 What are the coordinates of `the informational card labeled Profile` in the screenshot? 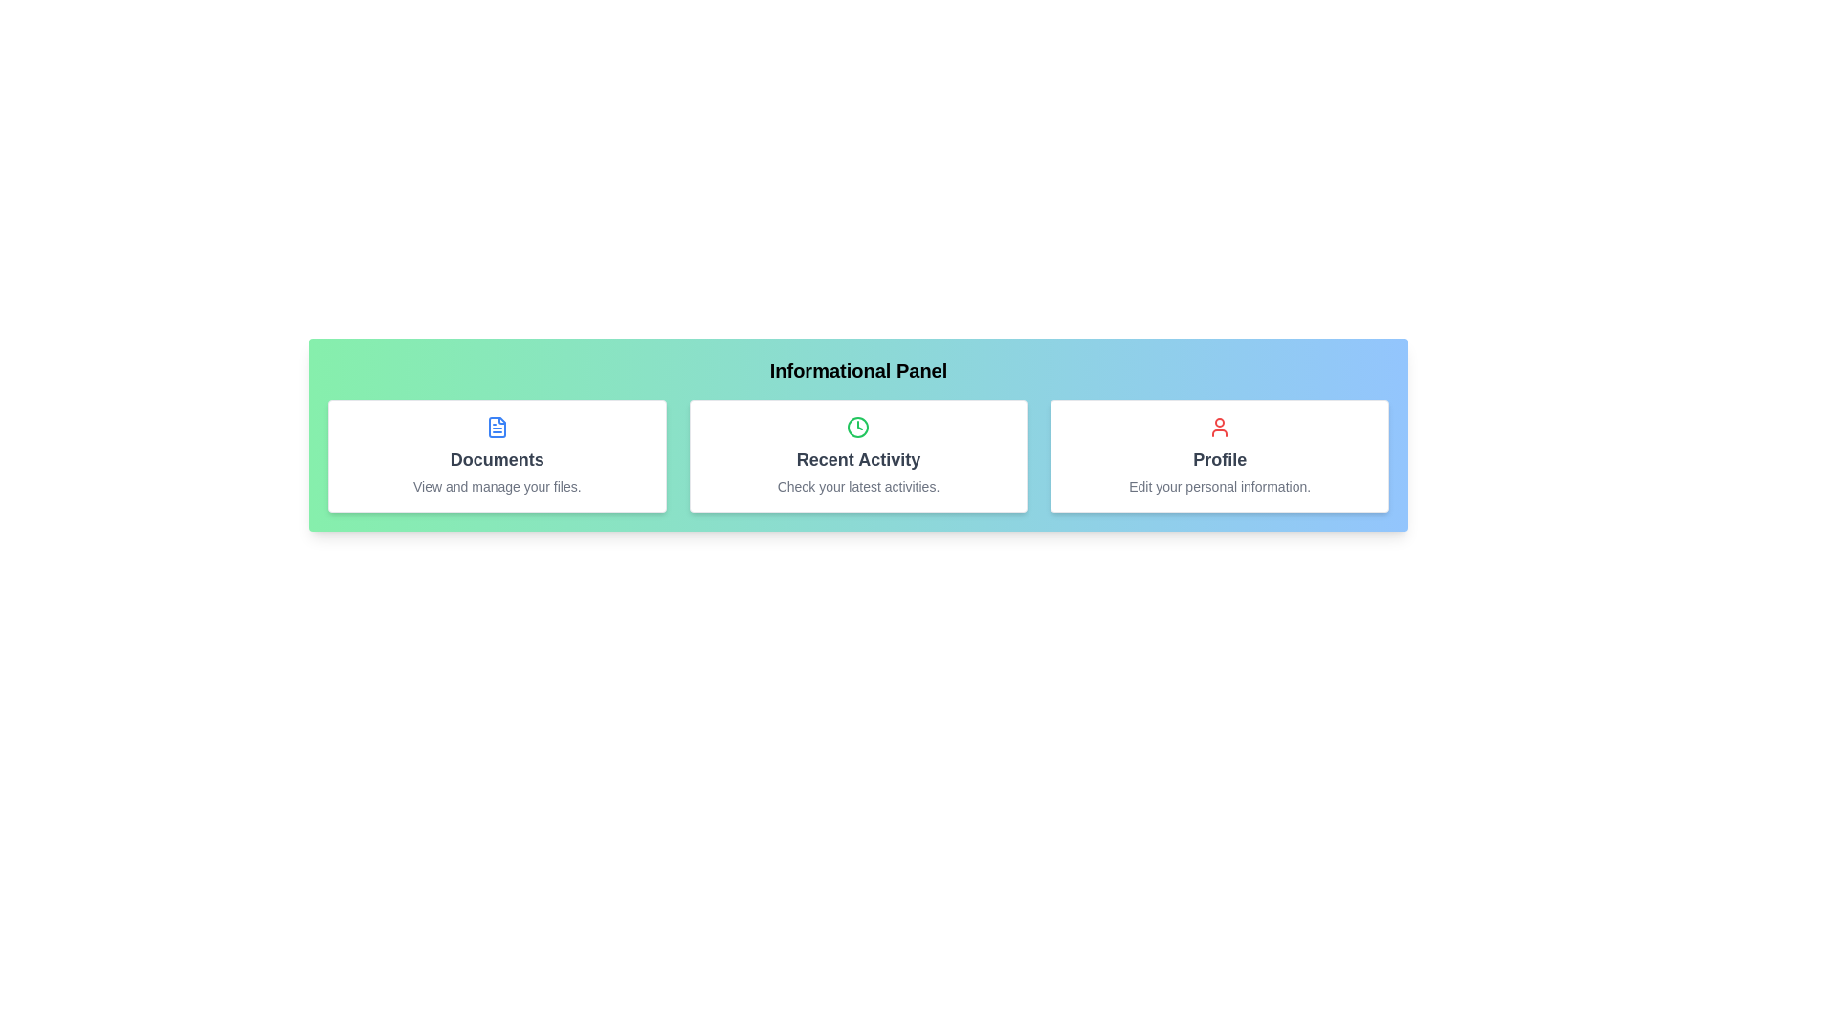 It's located at (1219, 456).